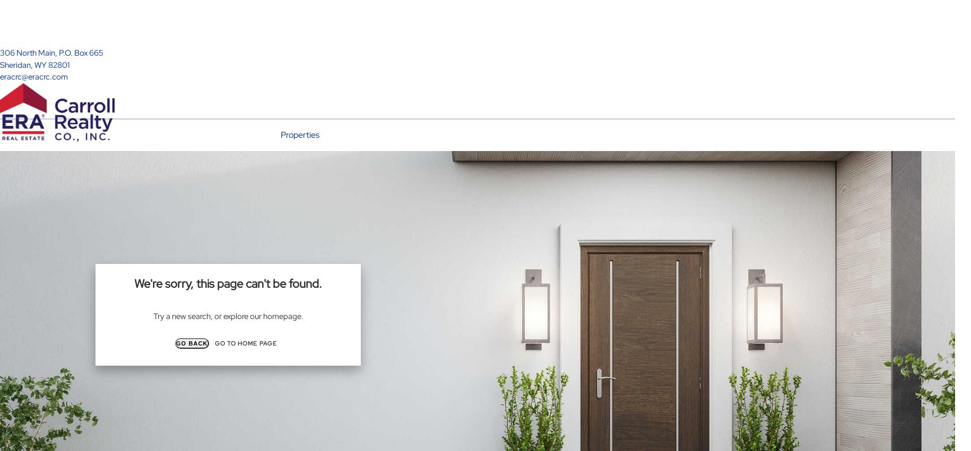 This screenshot has width=971, height=451. What do you see at coordinates (237, 208) in the screenshot?
I see `'Home'` at bounding box center [237, 208].